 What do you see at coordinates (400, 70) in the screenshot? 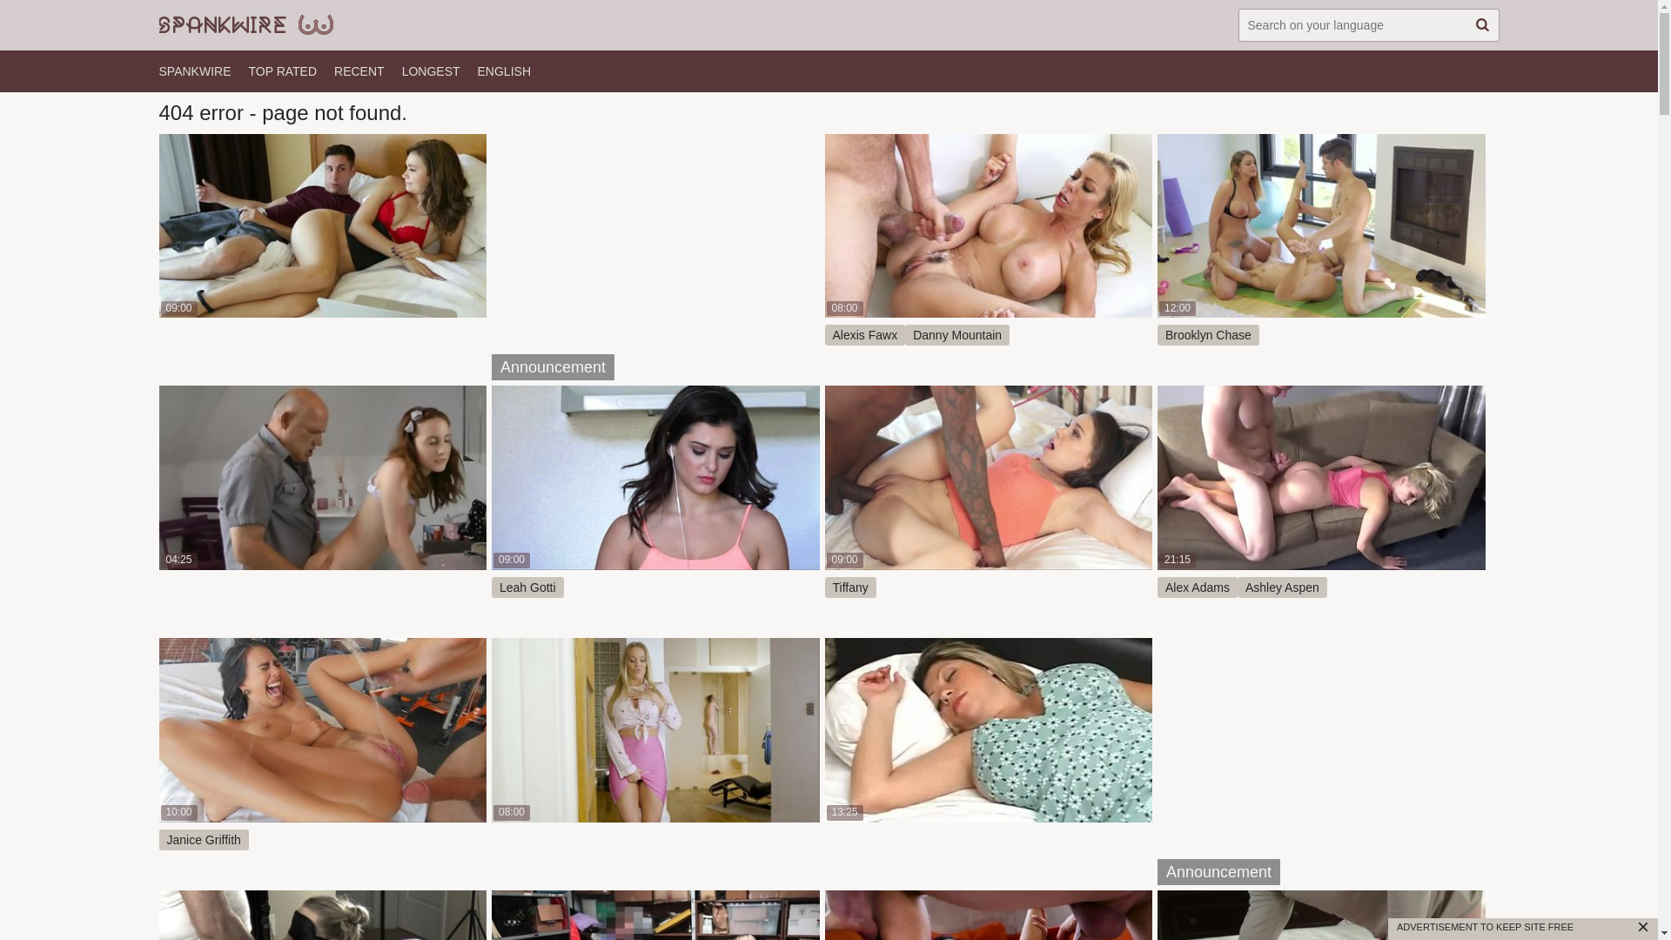
I see `'LONGEST'` at bounding box center [400, 70].